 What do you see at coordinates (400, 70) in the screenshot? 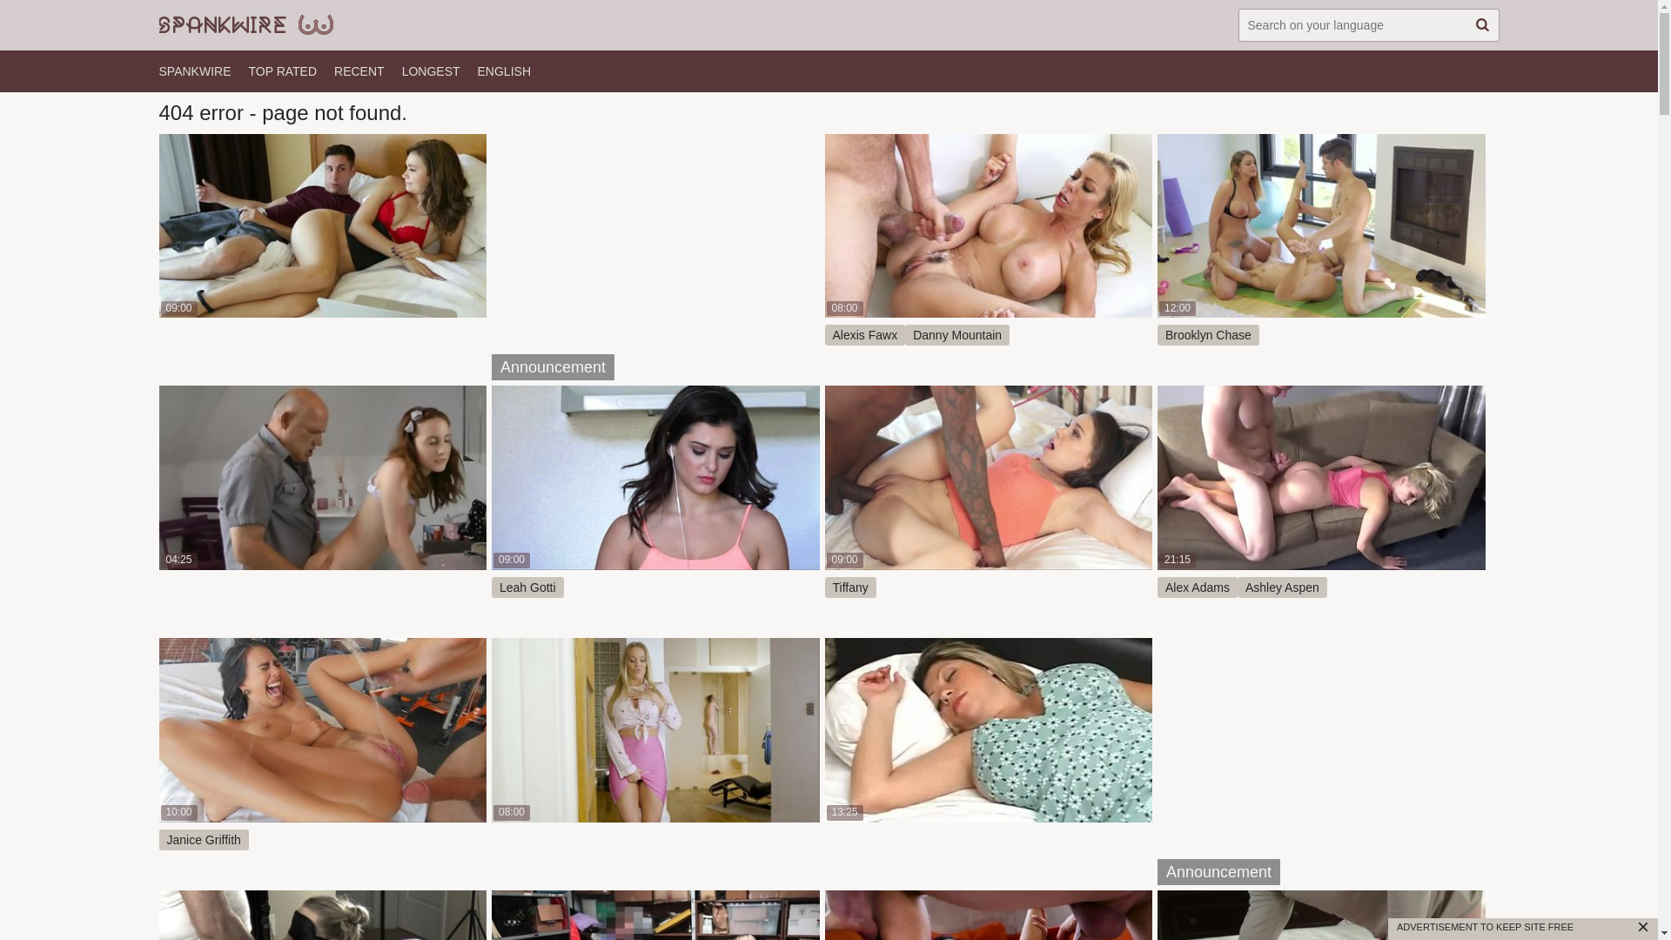
I see `'LONGEST'` at bounding box center [400, 70].